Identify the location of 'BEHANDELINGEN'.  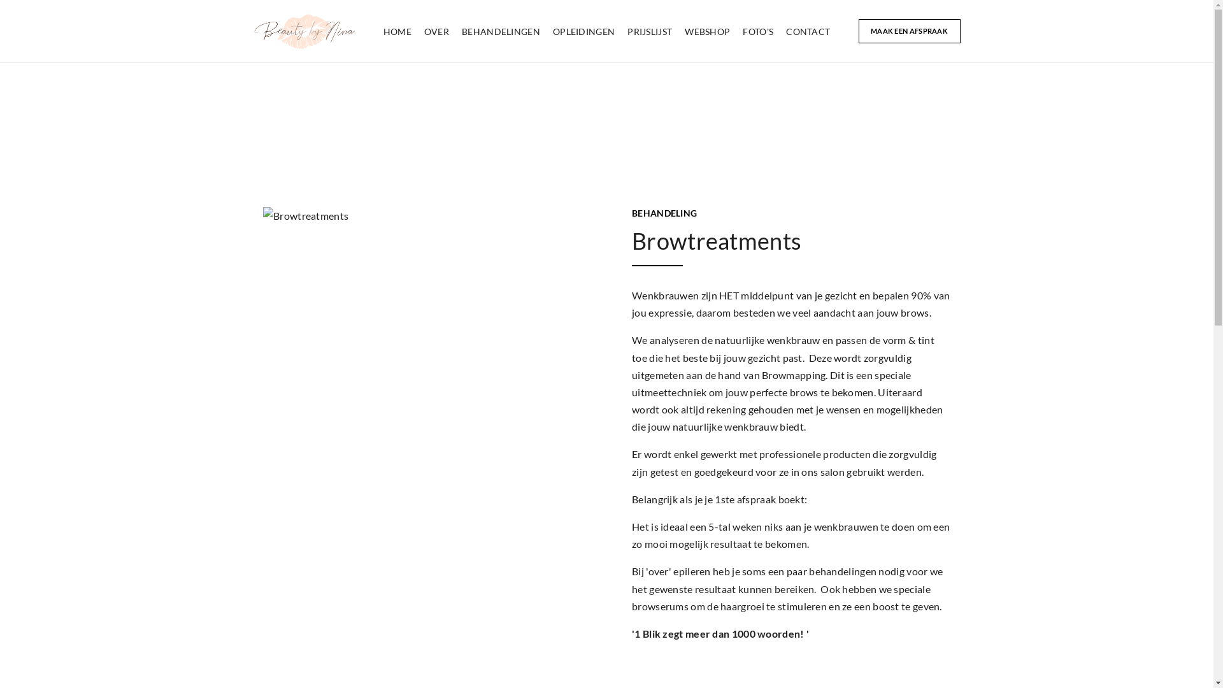
(500, 31).